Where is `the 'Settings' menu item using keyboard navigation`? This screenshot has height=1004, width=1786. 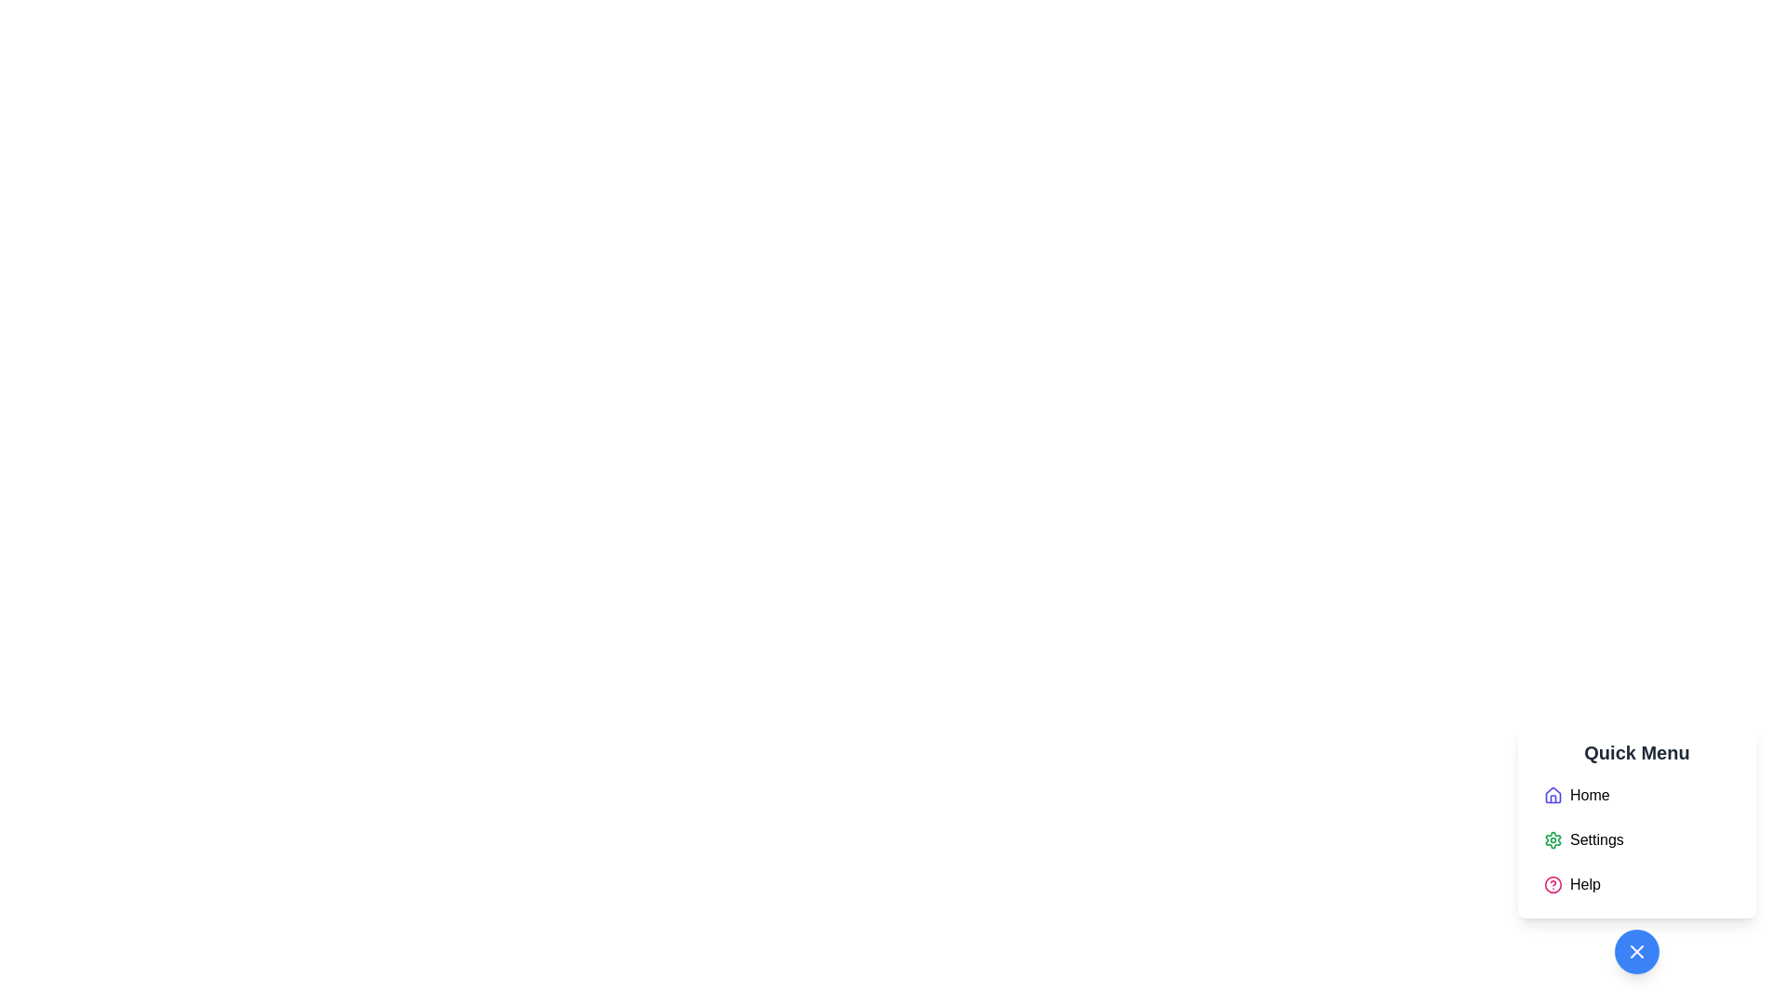
the 'Settings' menu item using keyboard navigation is located at coordinates (1637, 850).